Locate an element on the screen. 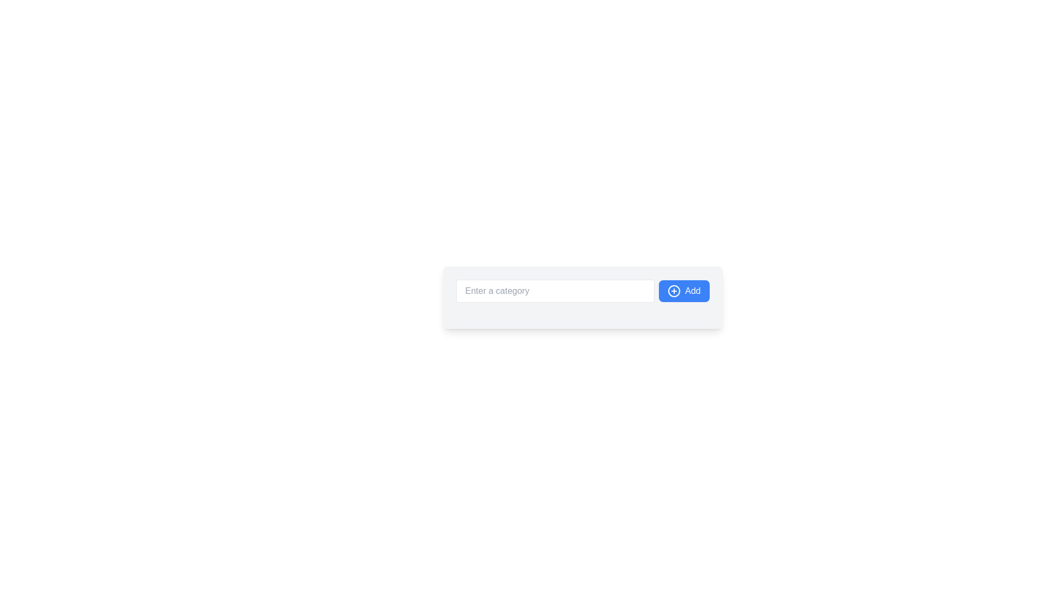  the 'Add' button, which has a vibrant blue background and a circular '+' icon to the left of the white text, located immediately to the right of the 'Enter a category' input field is located at coordinates (683, 290).